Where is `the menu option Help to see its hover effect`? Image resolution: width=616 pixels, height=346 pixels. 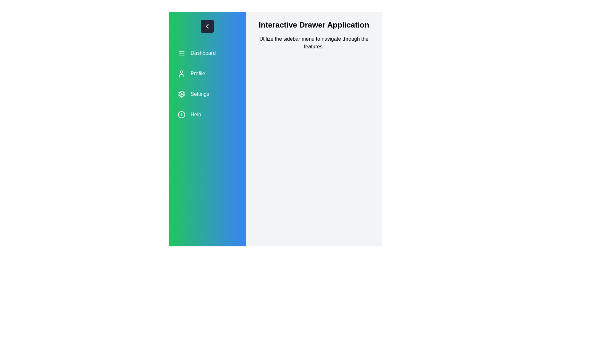
the menu option Help to see its hover effect is located at coordinates (207, 114).